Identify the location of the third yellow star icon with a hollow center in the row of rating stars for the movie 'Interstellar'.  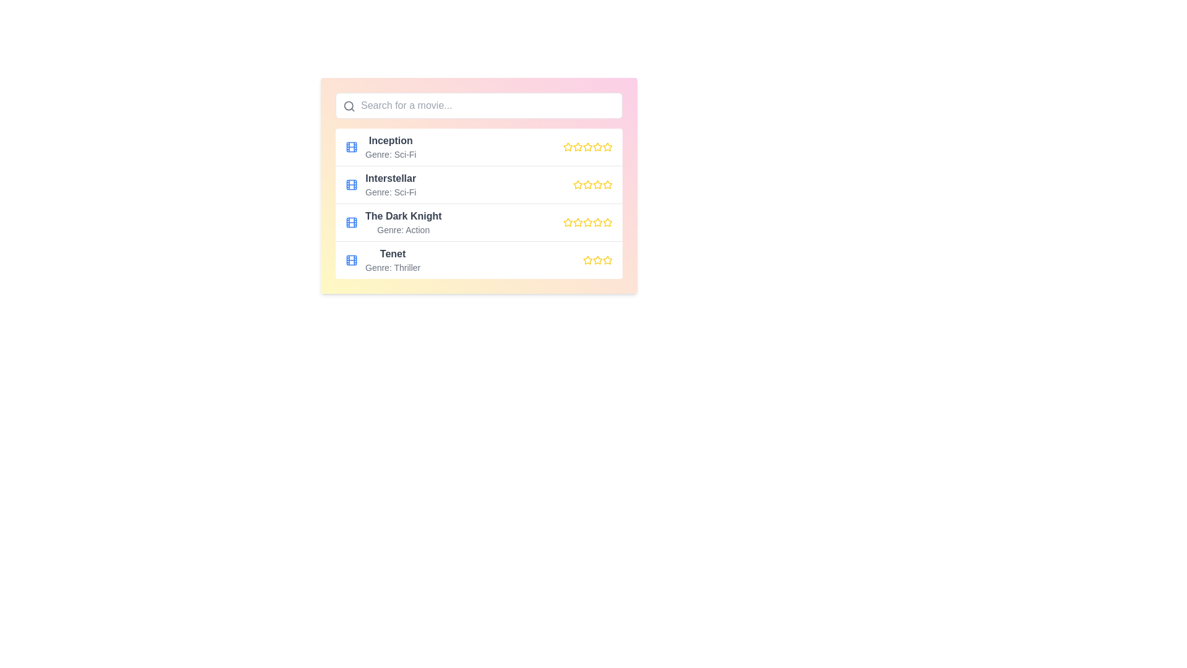
(597, 184).